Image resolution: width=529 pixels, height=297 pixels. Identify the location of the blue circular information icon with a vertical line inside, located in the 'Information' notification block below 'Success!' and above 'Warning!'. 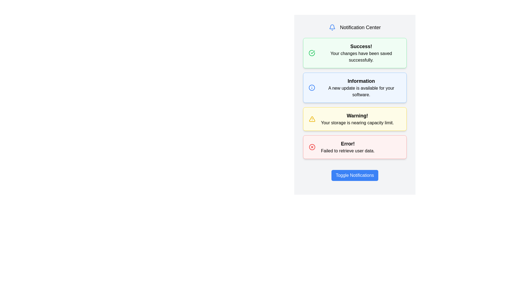
(312, 87).